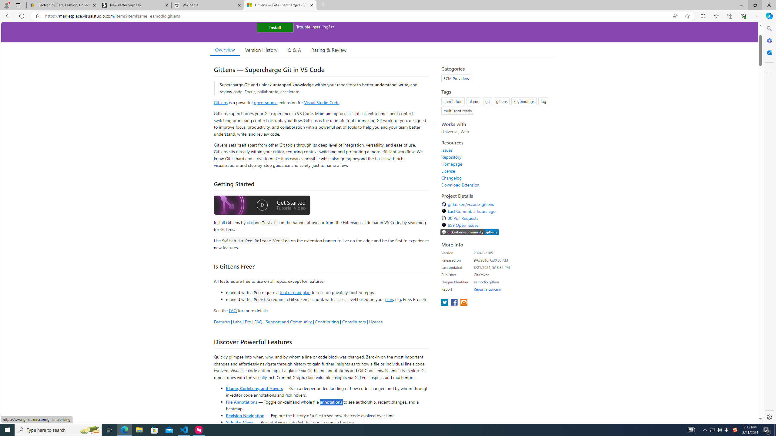 The height and width of the screenshot is (436, 776). Describe the element at coordinates (239, 422) in the screenshot. I see `'Side Bar Views'` at that location.